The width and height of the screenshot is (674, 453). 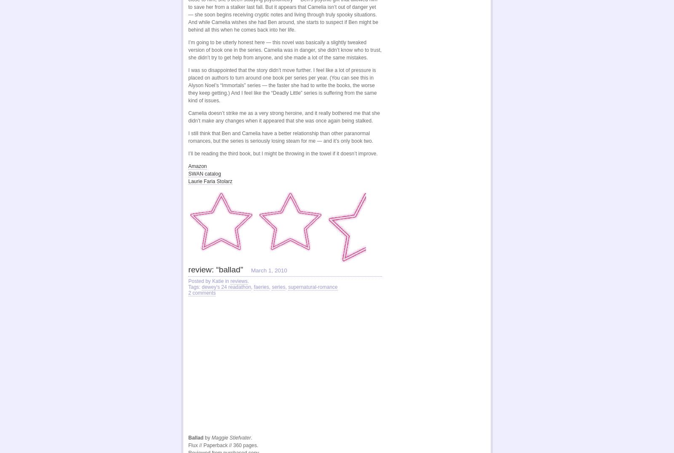 What do you see at coordinates (209, 280) in the screenshot?
I see `'Posted by Katie in'` at bounding box center [209, 280].